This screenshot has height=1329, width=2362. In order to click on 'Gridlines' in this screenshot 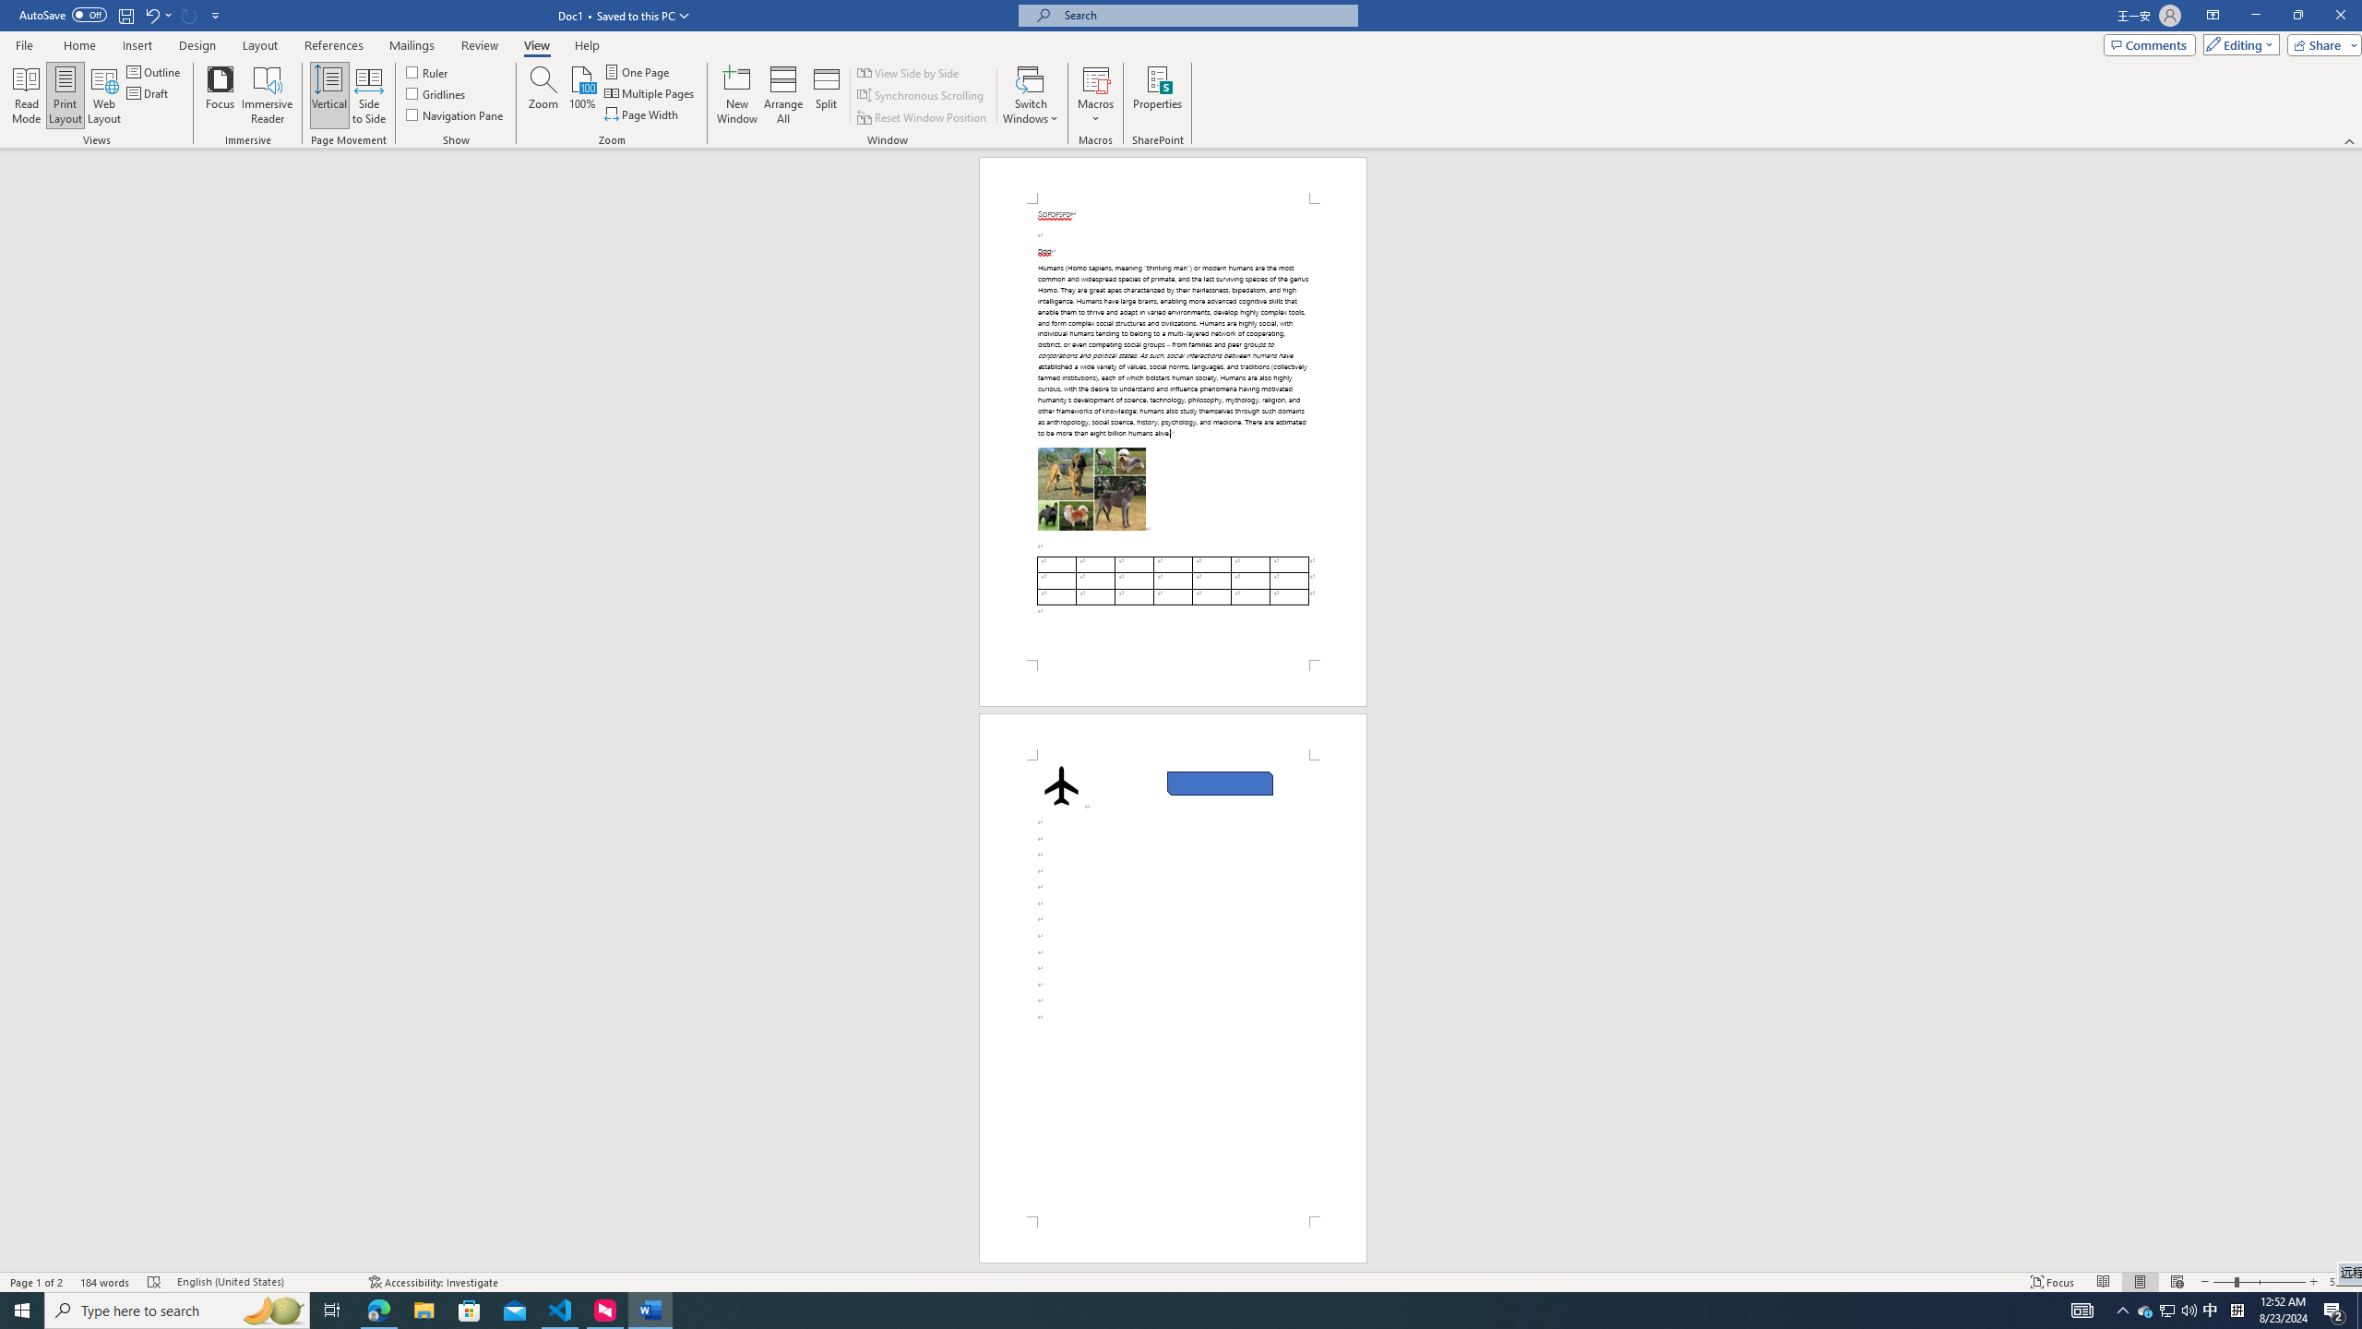, I will do `click(436, 91)`.